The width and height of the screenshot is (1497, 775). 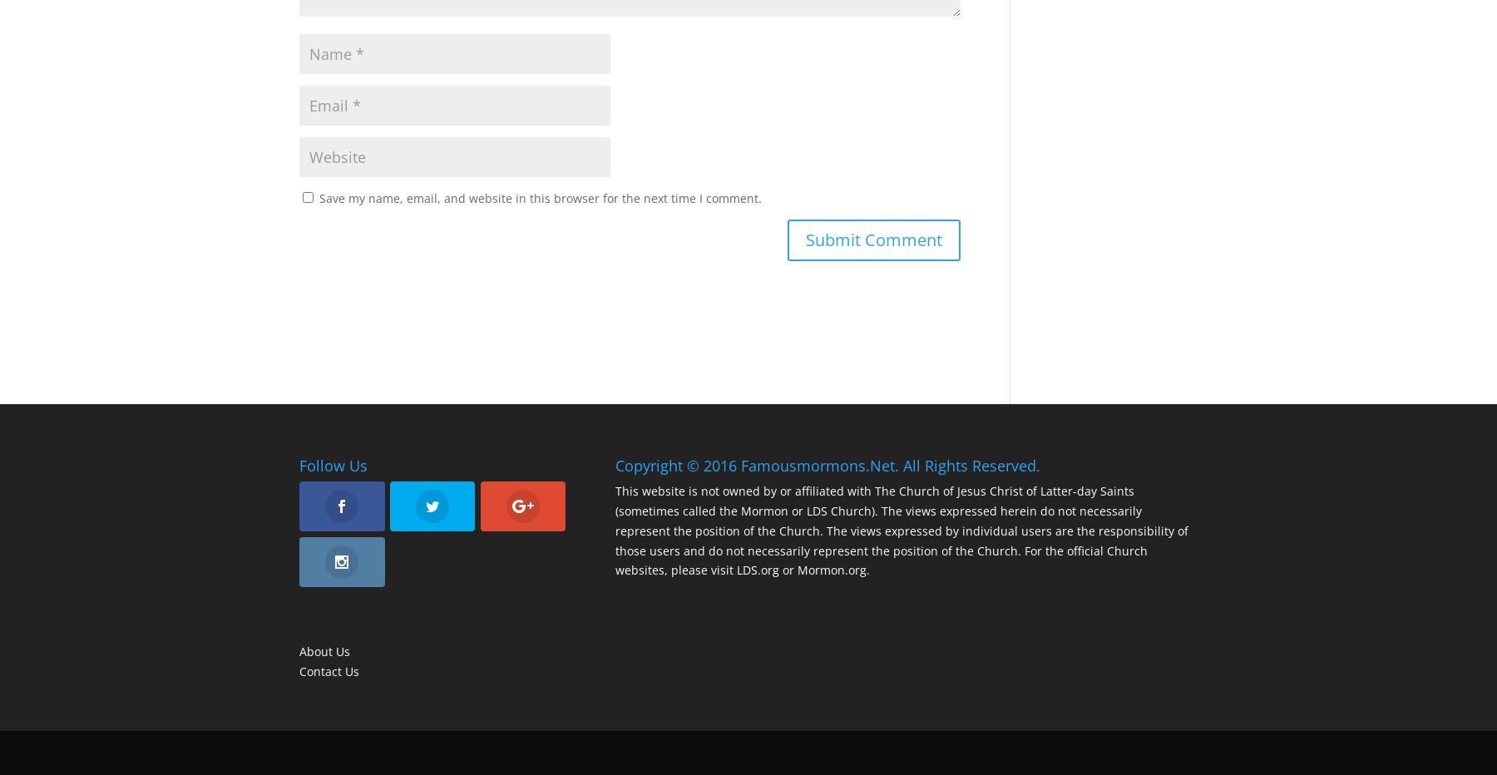 I want to click on 'Elegant Themes', so click(x=416, y=752).